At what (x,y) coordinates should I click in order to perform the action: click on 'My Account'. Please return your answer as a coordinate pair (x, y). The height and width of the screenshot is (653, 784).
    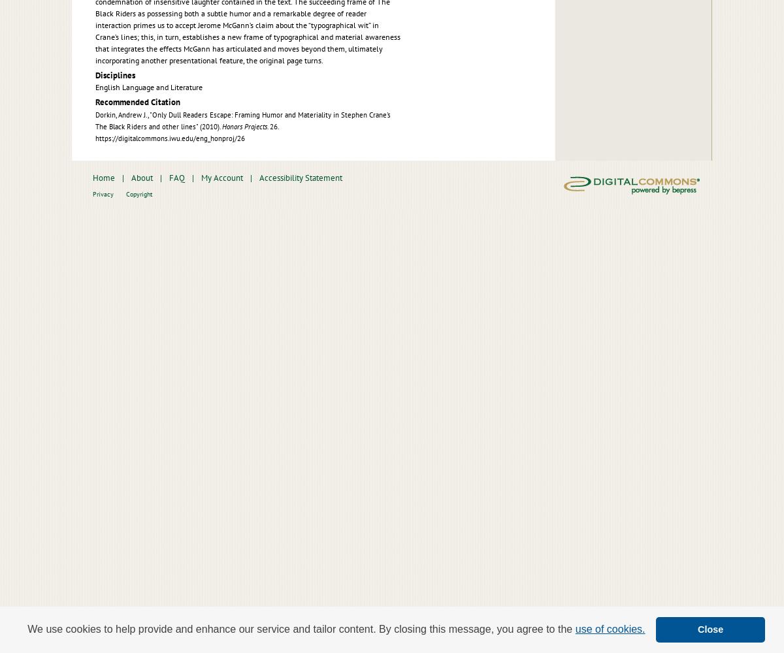
    Looking at the image, I should click on (221, 177).